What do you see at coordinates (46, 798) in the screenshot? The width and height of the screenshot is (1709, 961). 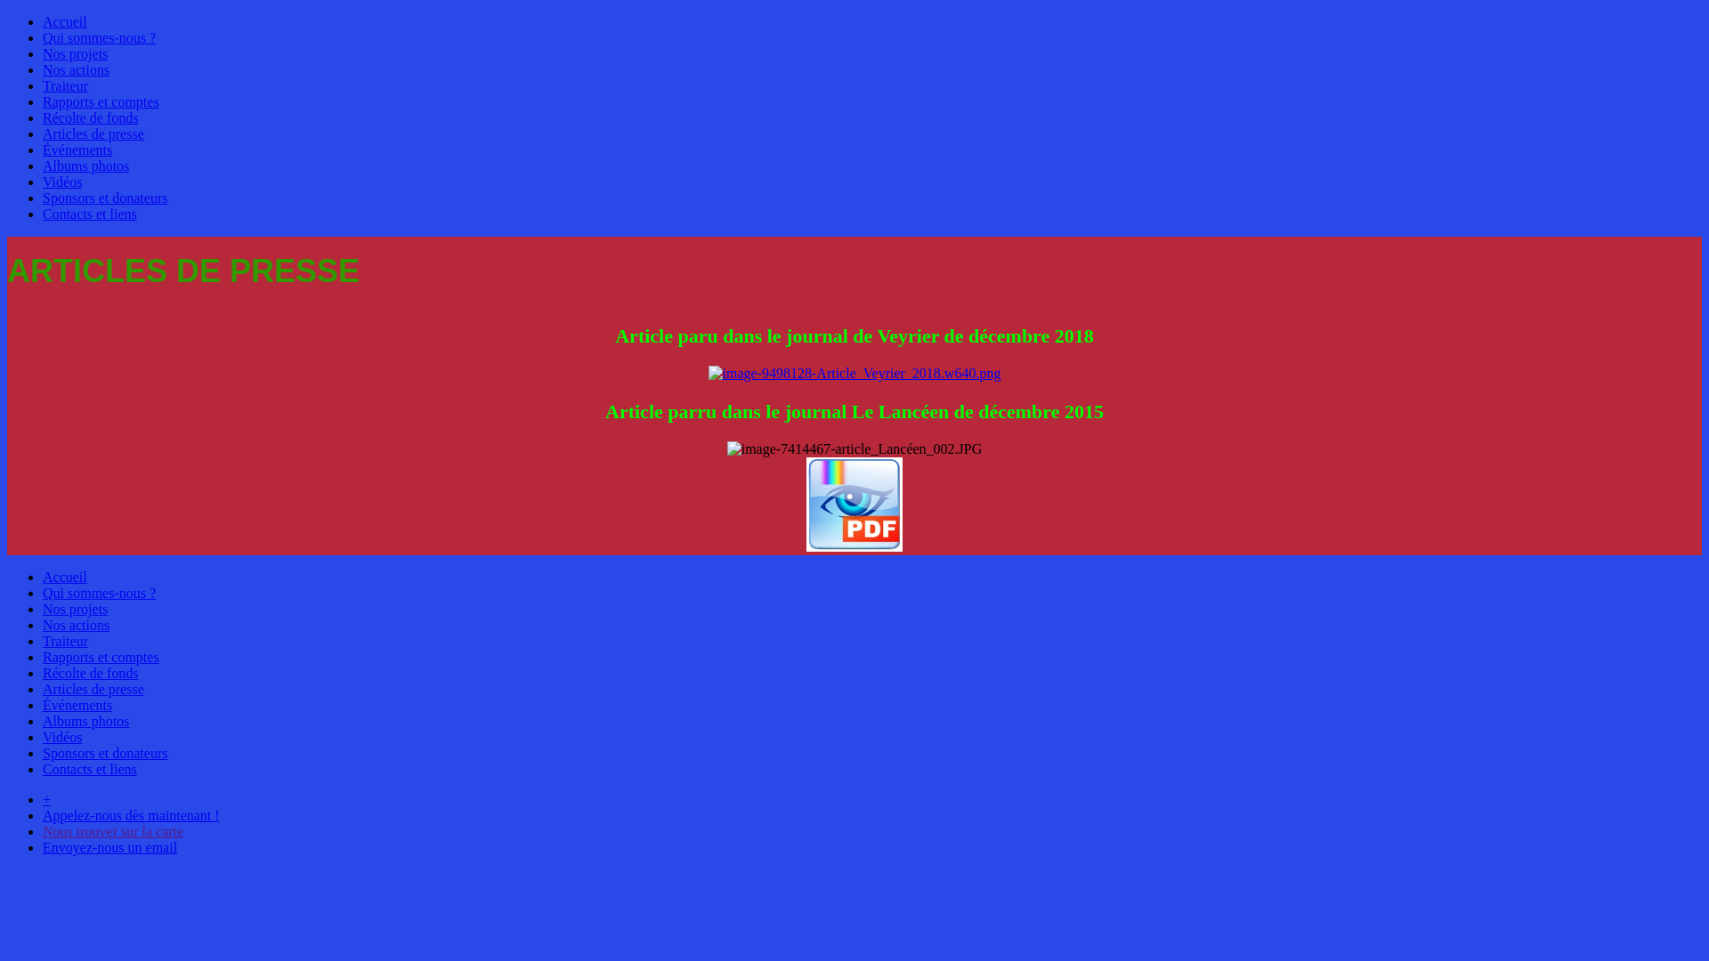 I see `'+'` at bounding box center [46, 798].